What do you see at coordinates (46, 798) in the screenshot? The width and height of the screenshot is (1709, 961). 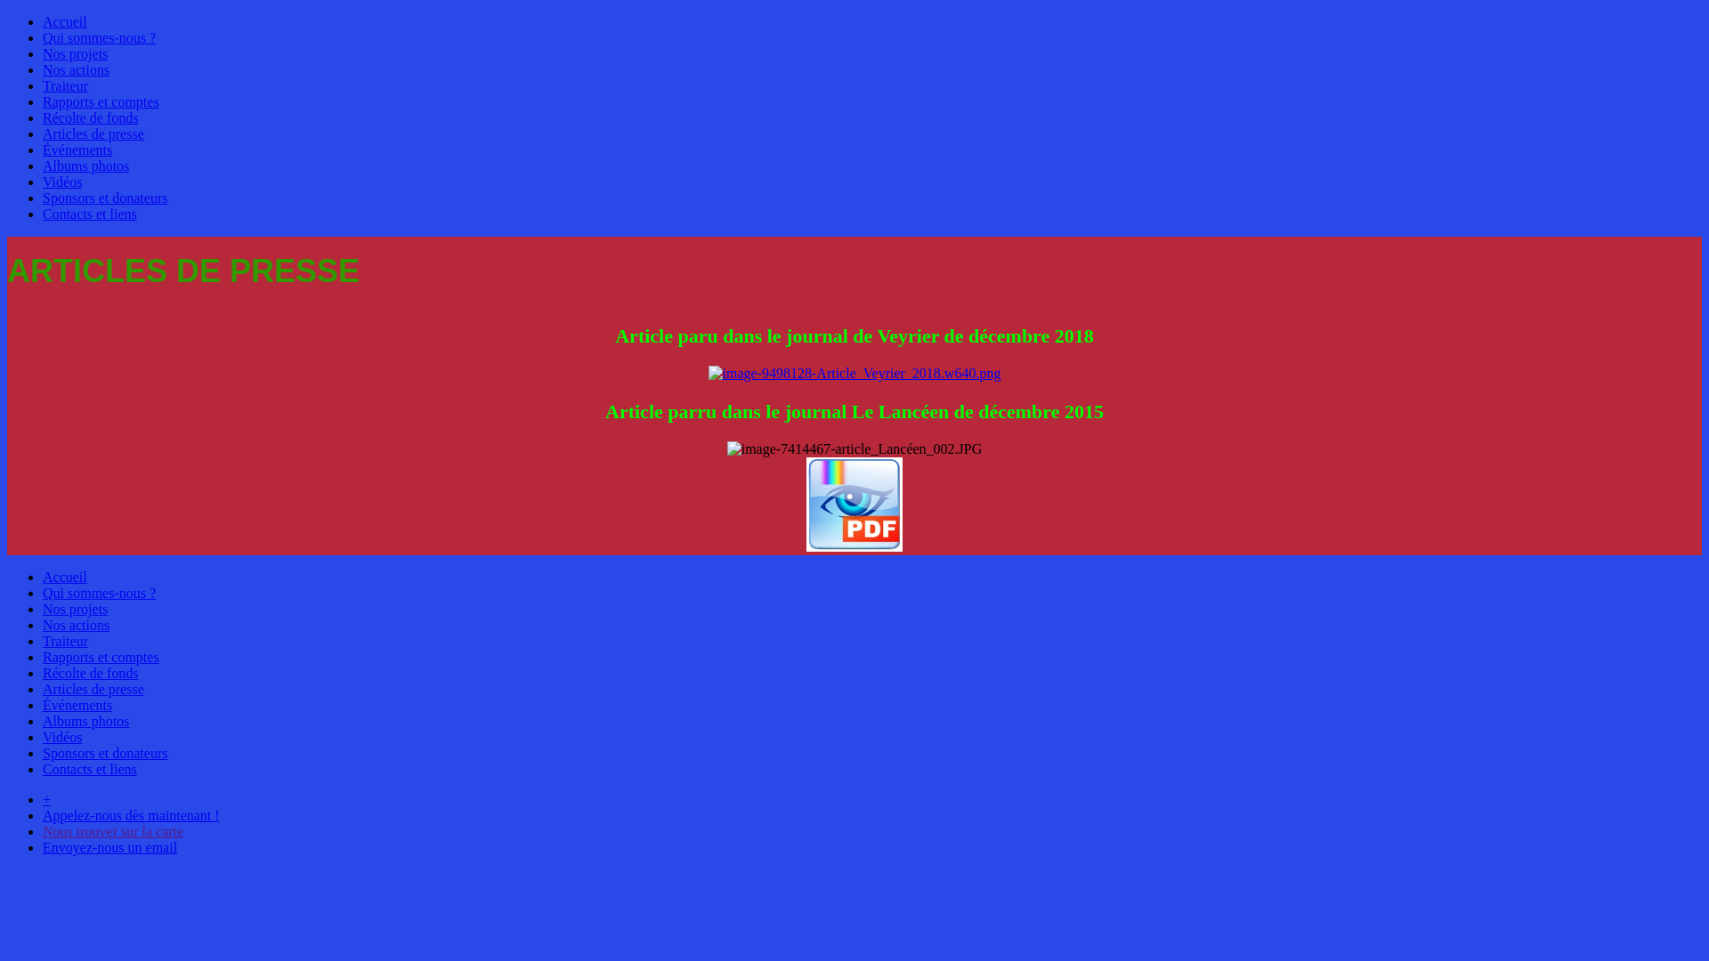 I see `'+'` at bounding box center [46, 798].